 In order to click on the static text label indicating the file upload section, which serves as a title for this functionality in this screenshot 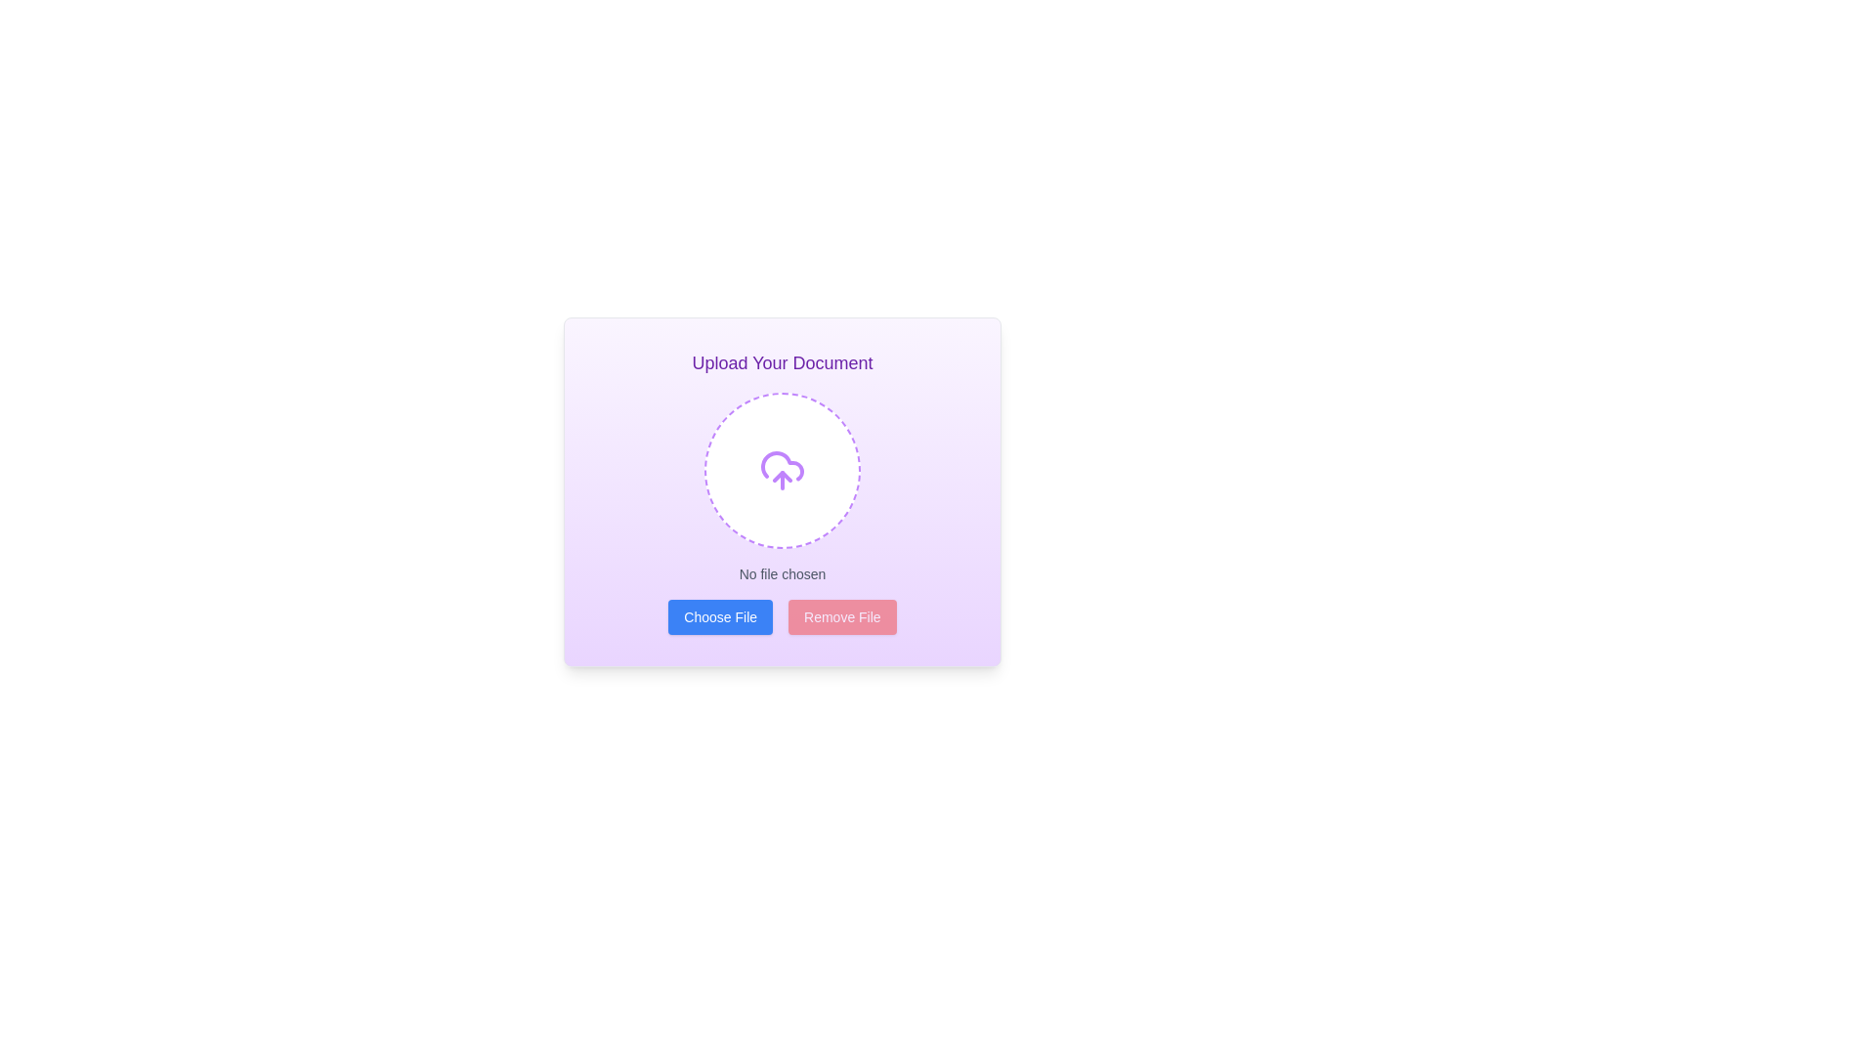, I will do `click(783, 362)`.